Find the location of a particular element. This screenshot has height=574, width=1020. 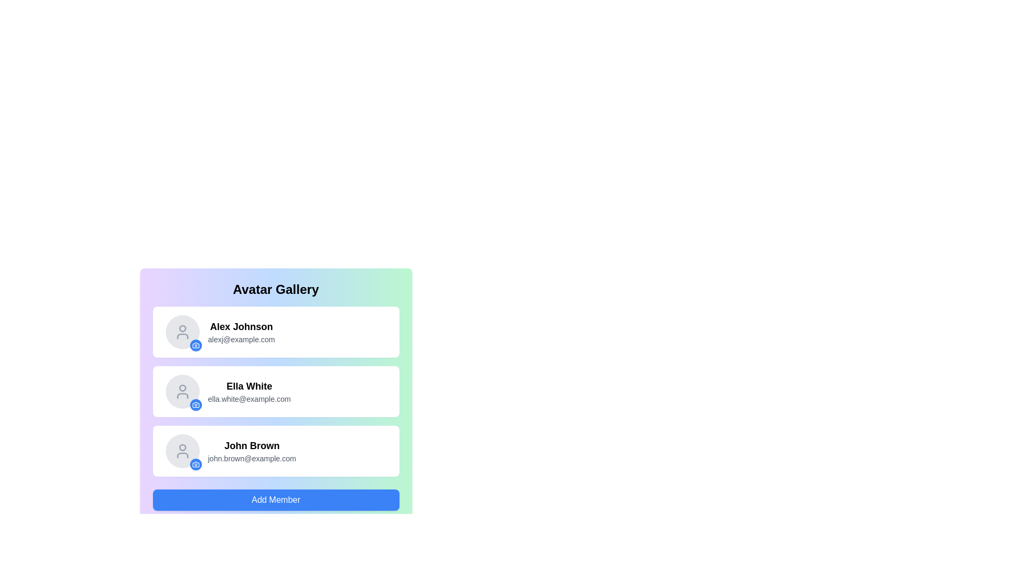

the text display showing the email address associated with the user 'John Brown', located below the name 'John Brown' in the same card section is located at coordinates (251, 458).